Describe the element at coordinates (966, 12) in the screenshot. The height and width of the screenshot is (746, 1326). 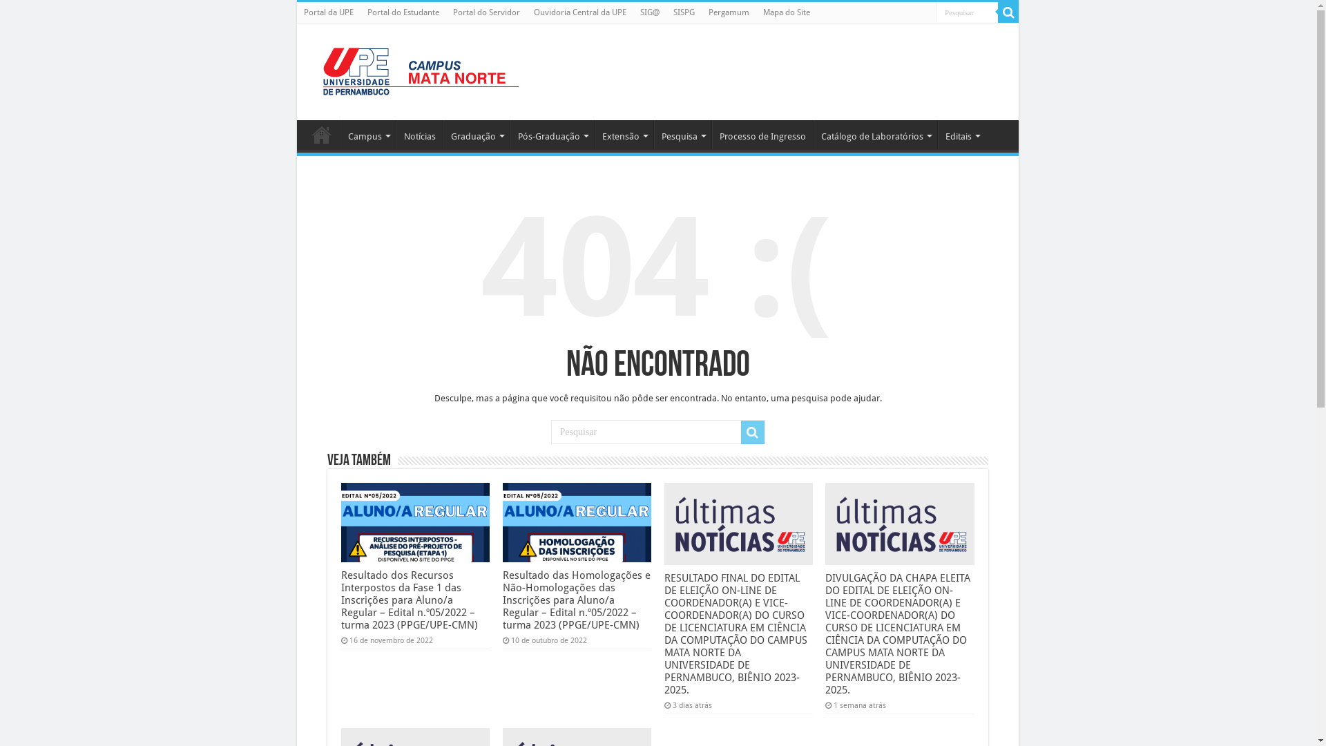
I see `'Pesquisar'` at that location.